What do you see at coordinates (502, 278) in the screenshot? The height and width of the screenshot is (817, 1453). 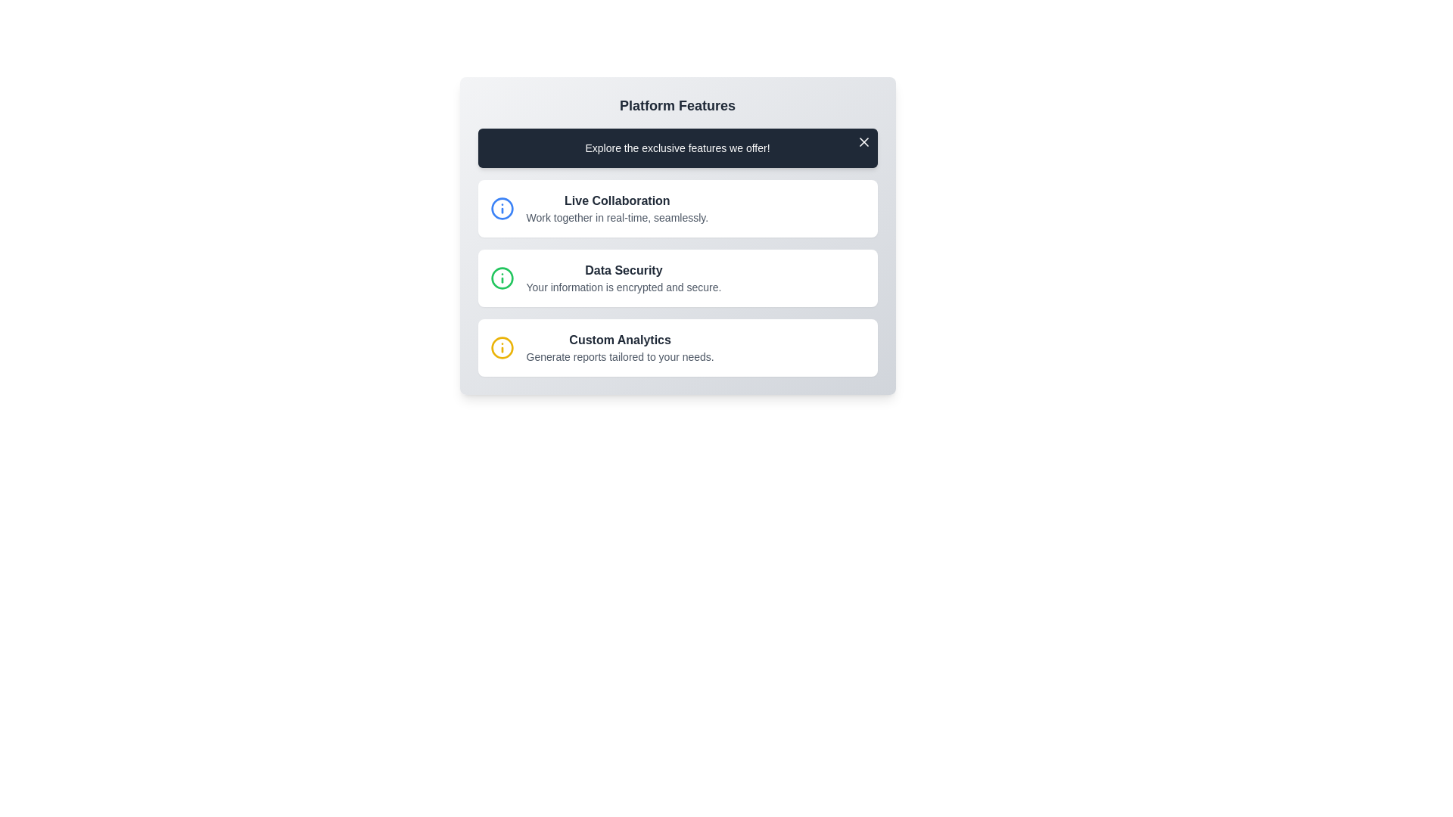 I see `the 'Data Security' icon located on the left side of the second card in a vertical list of cards` at bounding box center [502, 278].